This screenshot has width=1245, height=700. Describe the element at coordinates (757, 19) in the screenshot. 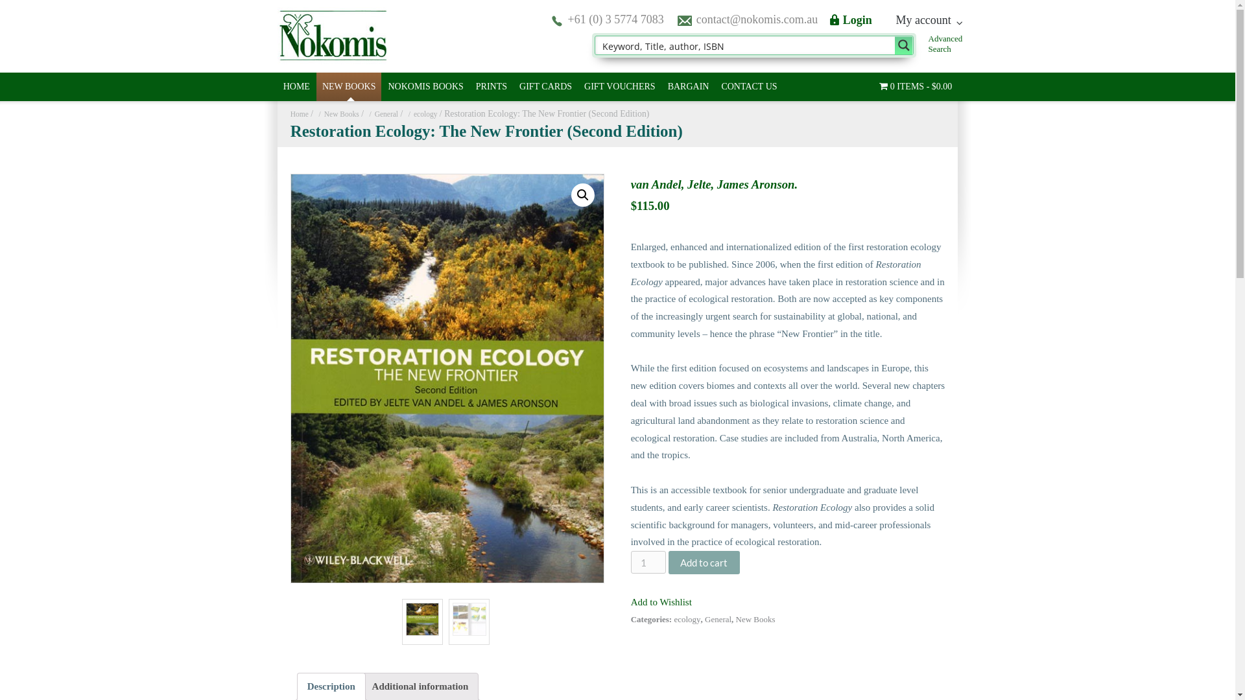

I see `'contact@nokomis.com.au'` at that location.